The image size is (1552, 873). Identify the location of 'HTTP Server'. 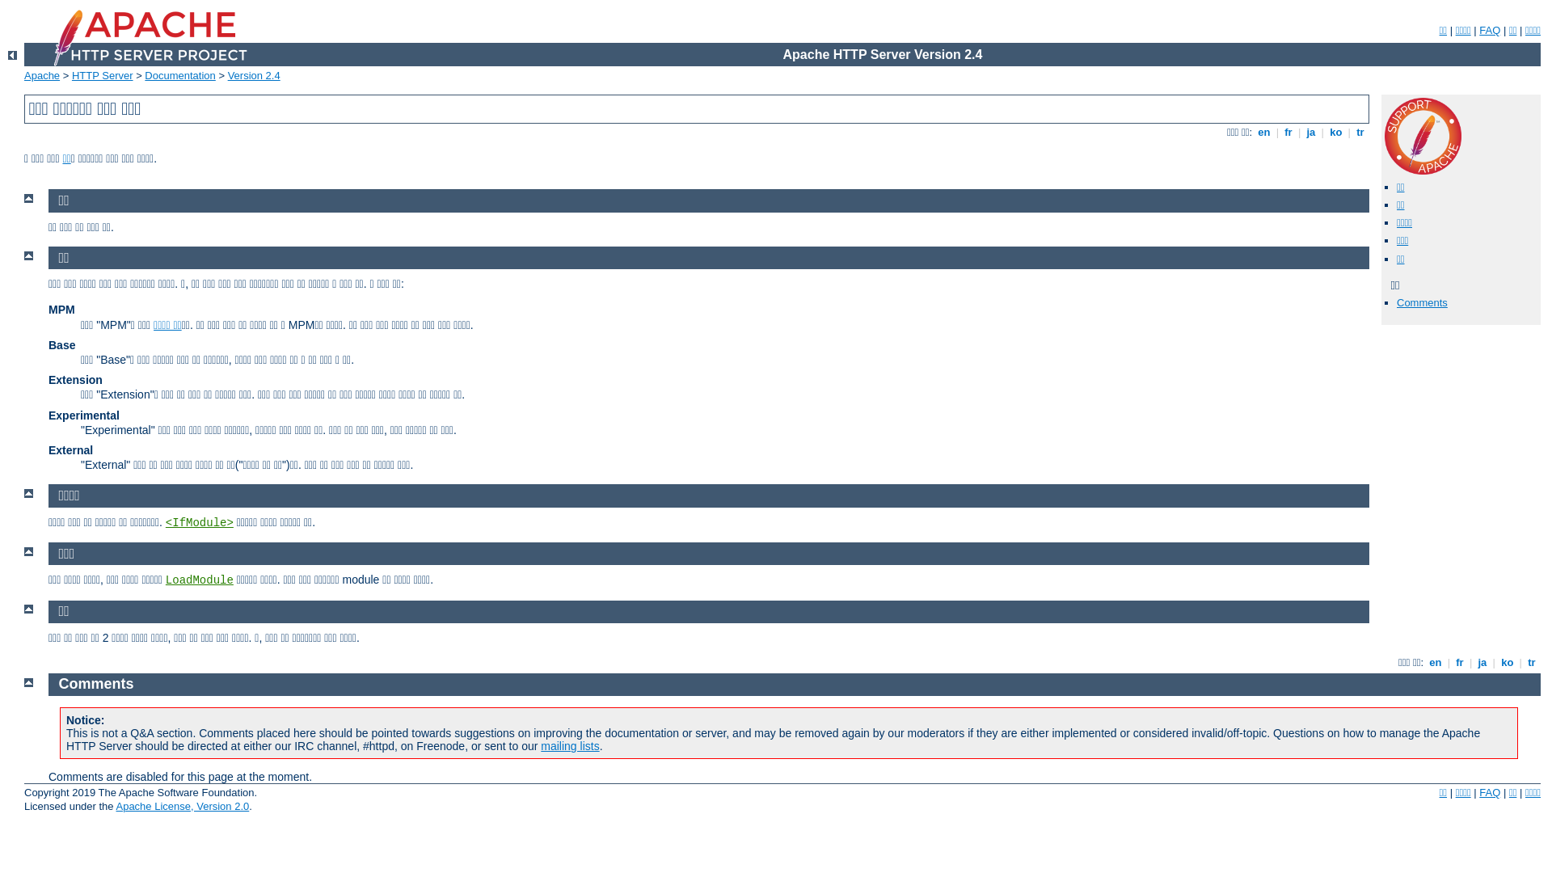
(101, 75).